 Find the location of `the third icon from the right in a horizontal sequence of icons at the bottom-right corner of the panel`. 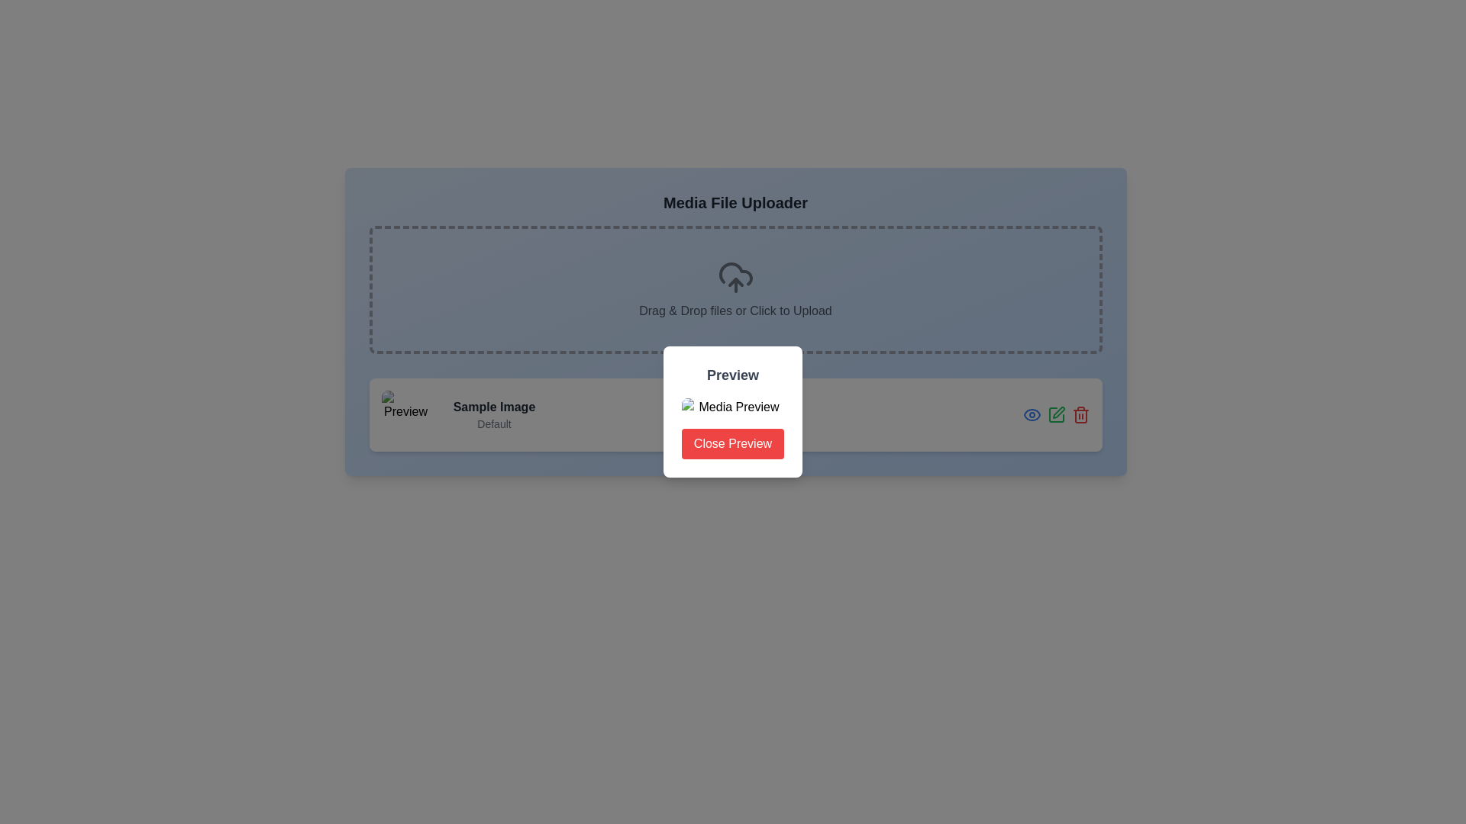

the third icon from the right in a horizontal sequence of icons at the bottom-right corner of the panel is located at coordinates (1080, 414).